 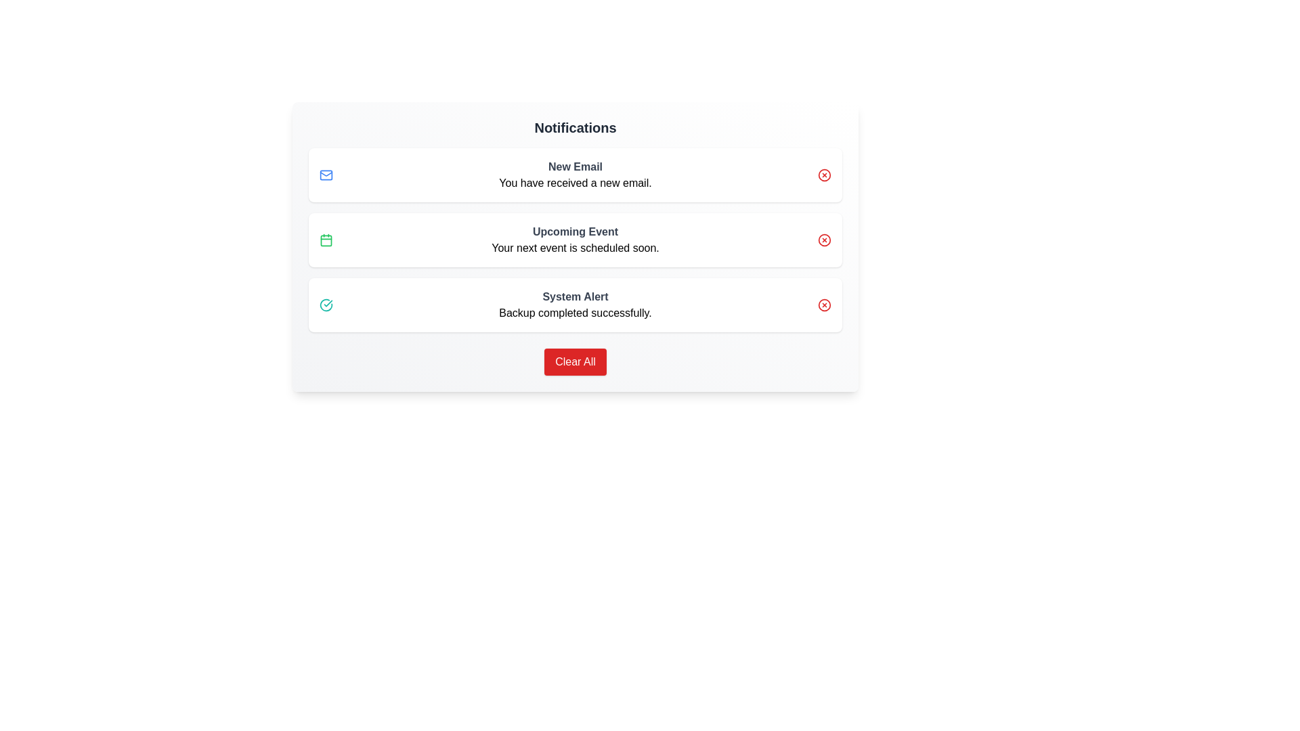 What do you see at coordinates (575, 174) in the screenshot?
I see `the 'New Email' notification entry that displays the heading in bold and the sub-text indicating a new email has been received to acknowledge it` at bounding box center [575, 174].